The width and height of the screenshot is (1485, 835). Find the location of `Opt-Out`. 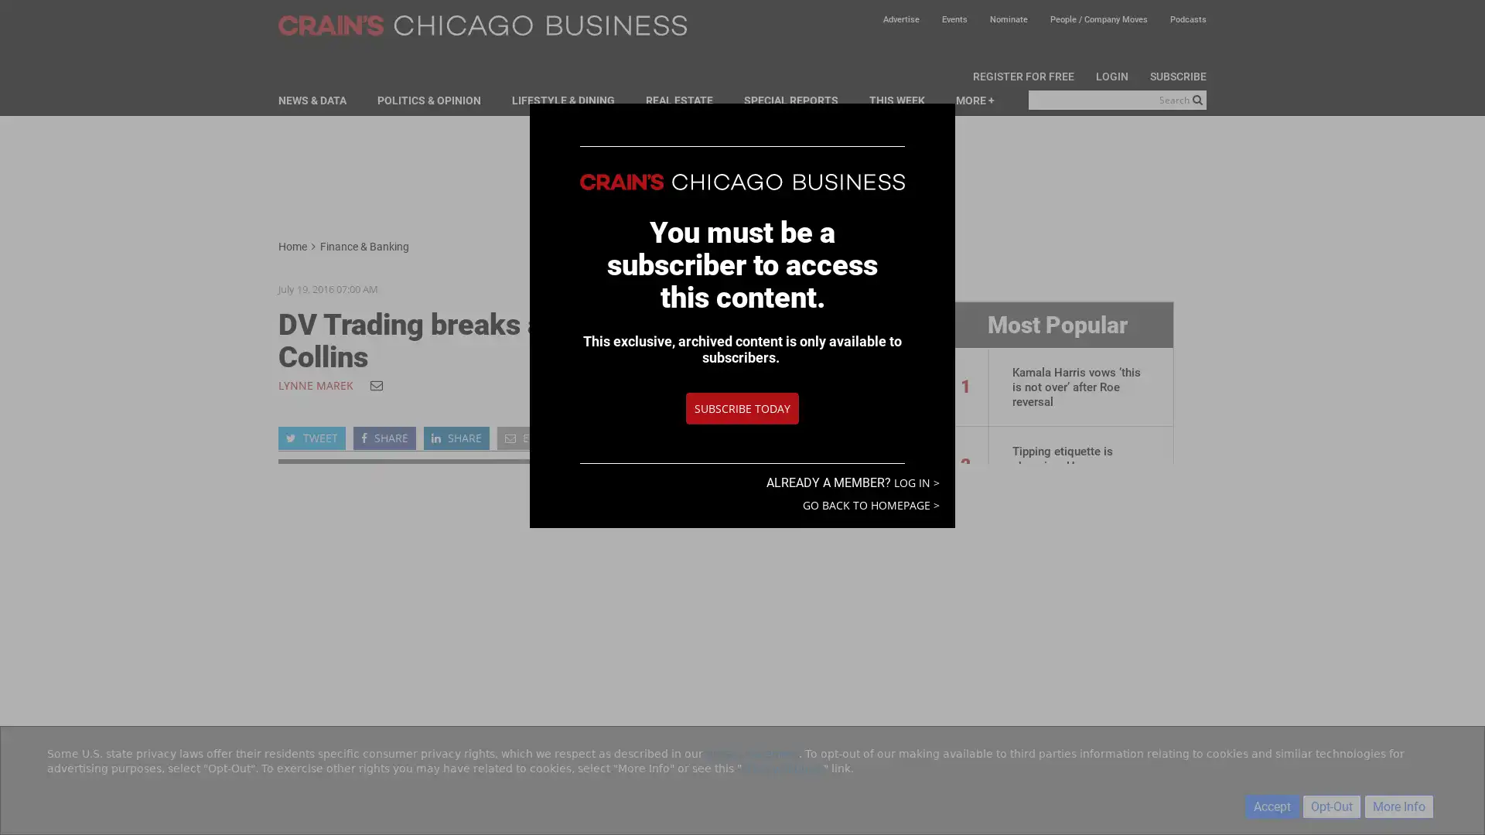

Opt-Out is located at coordinates (1331, 806).